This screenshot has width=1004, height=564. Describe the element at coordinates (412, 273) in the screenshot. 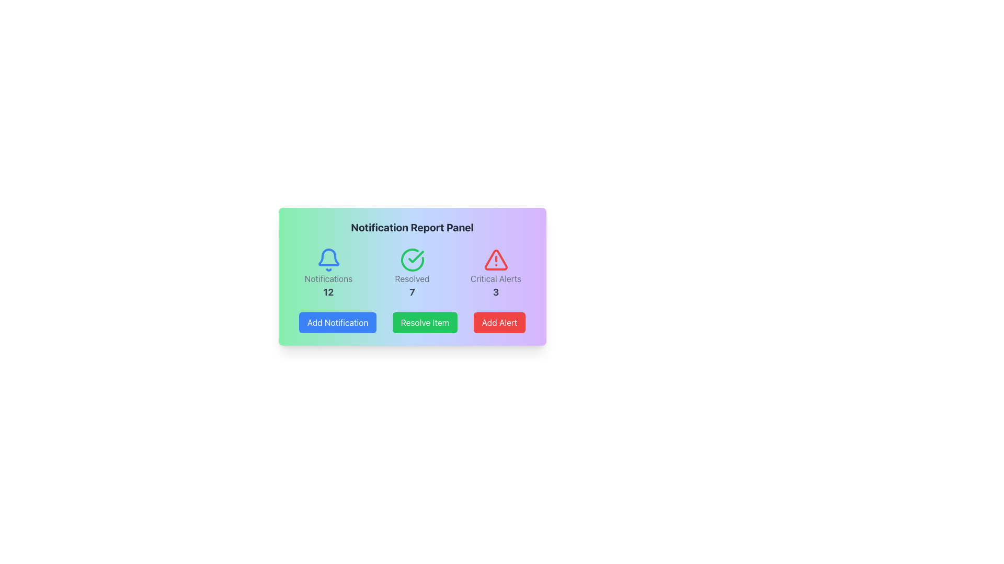

I see `the Information display panel that shows the count of resolved items, which is positioned centrally between 'Notifications' and 'Critical Alerts'` at that location.